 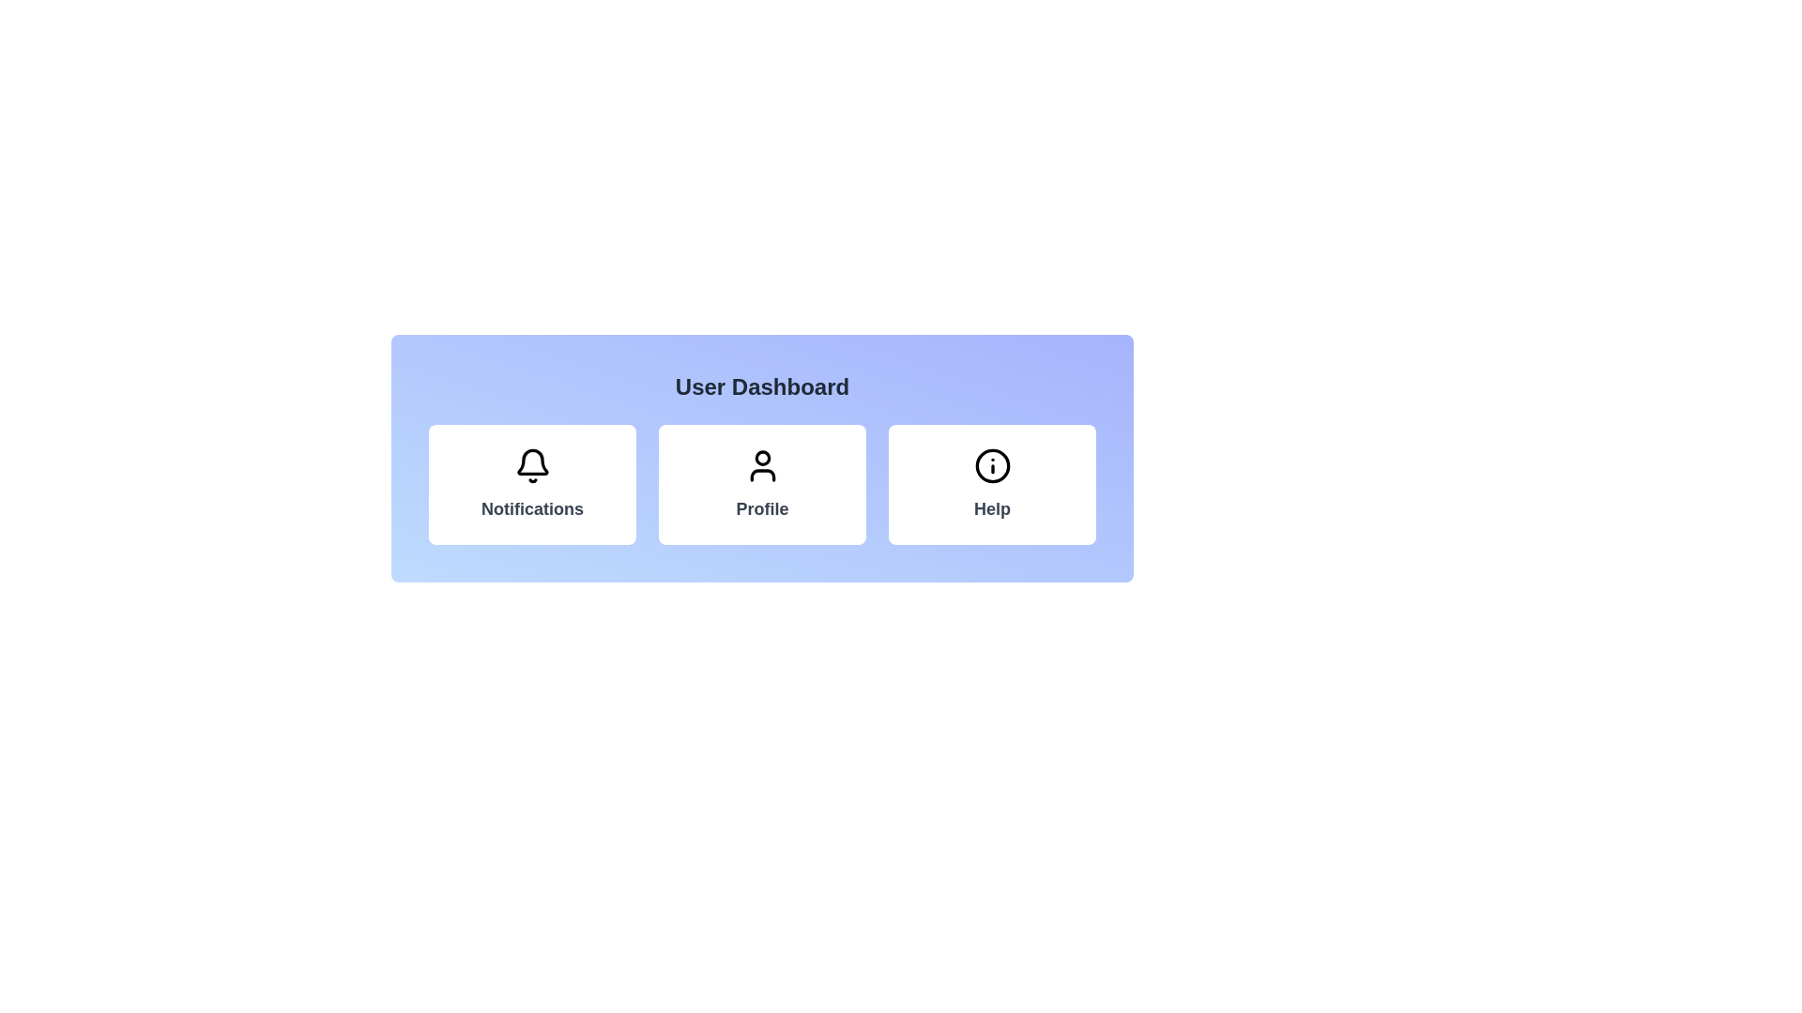 I want to click on the Text Label element which is a bold, large dark gray header centrally aligned at the top of a section with a gradient blue background, positioned above the 'Notifications', 'Profile', and 'Help' elements, so click(x=762, y=386).